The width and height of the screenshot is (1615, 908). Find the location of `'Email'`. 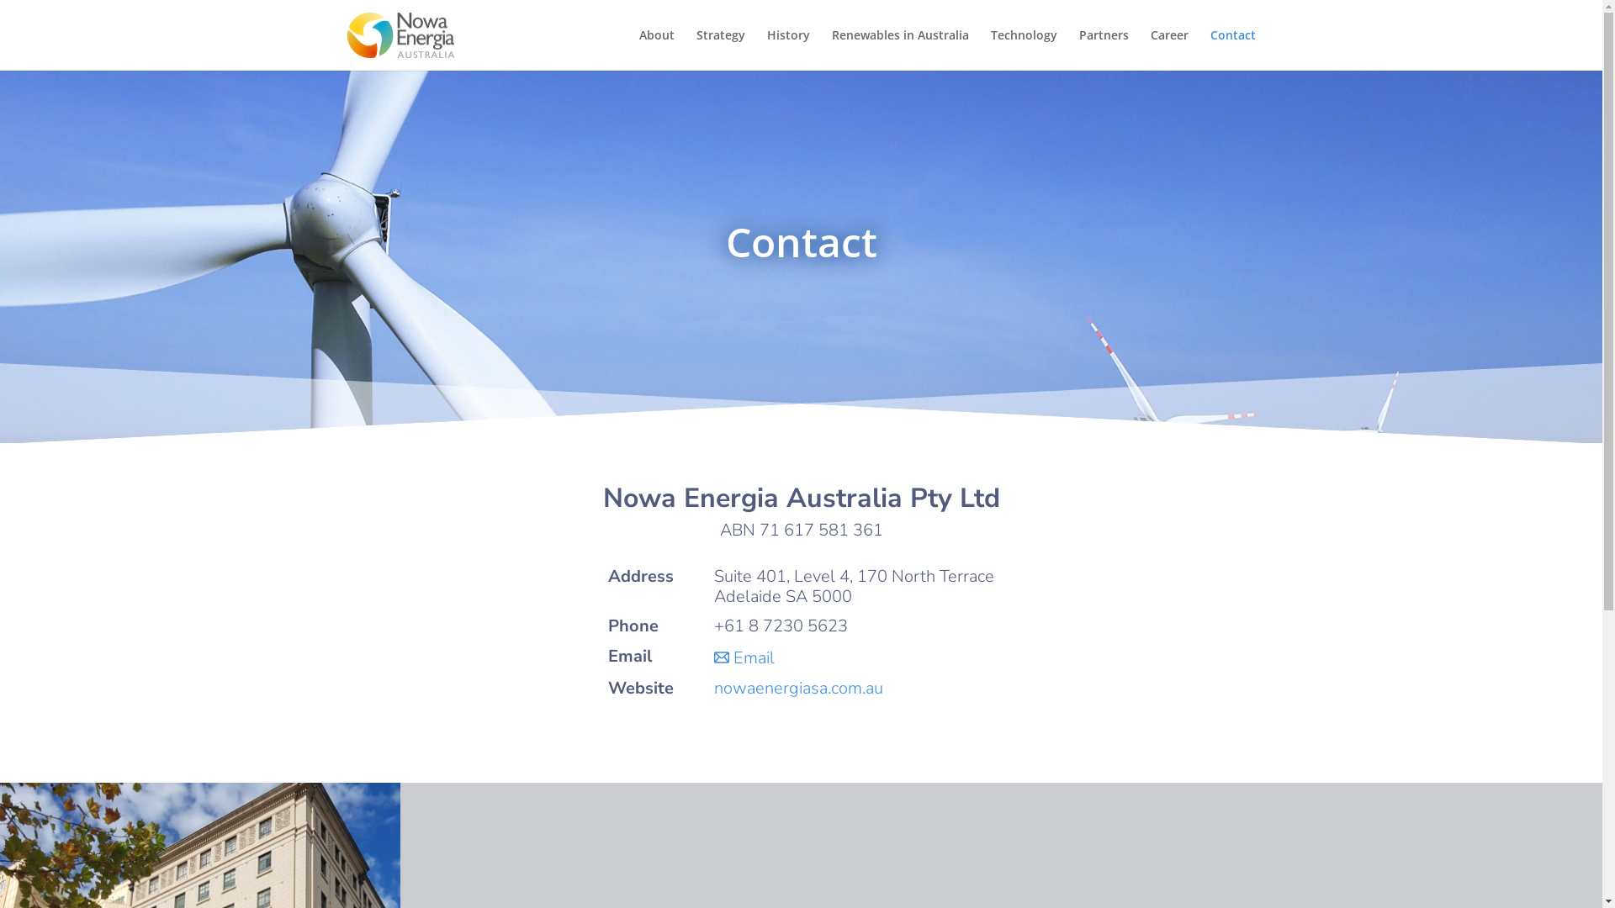

'Email' is located at coordinates (743, 657).